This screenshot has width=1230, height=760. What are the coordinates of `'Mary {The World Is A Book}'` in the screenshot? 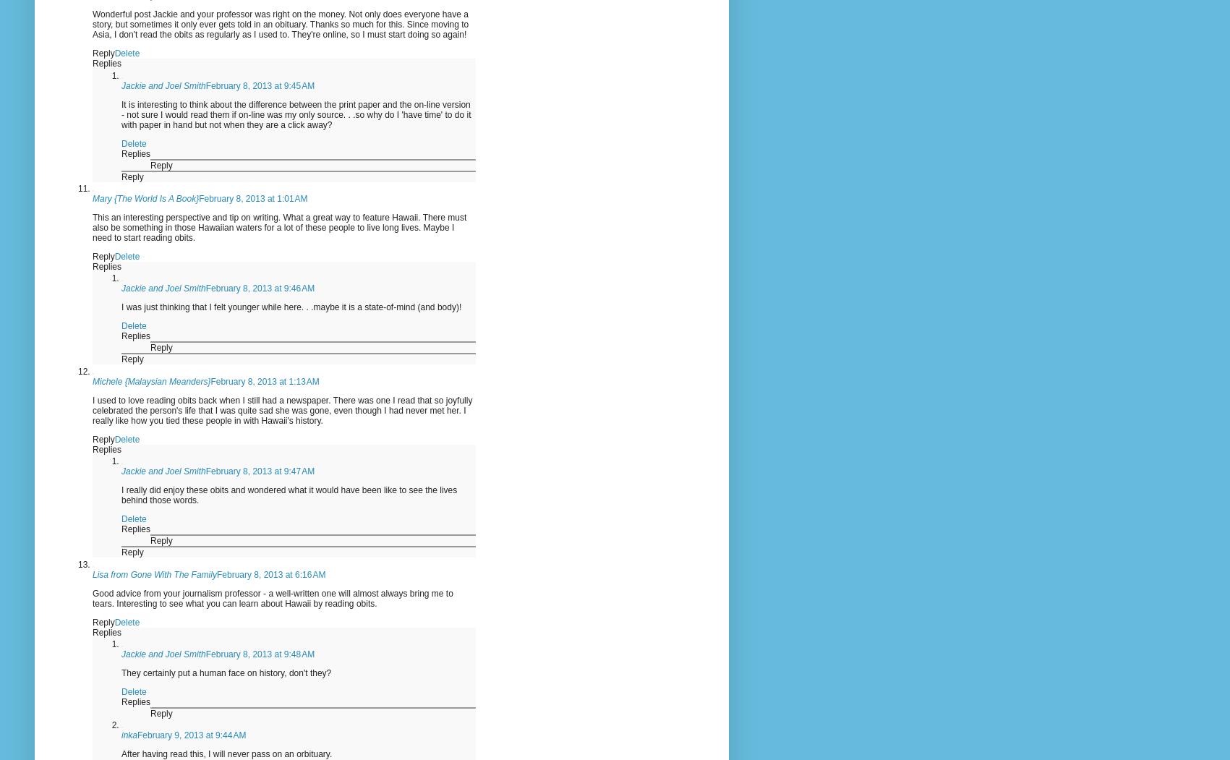 It's located at (145, 199).